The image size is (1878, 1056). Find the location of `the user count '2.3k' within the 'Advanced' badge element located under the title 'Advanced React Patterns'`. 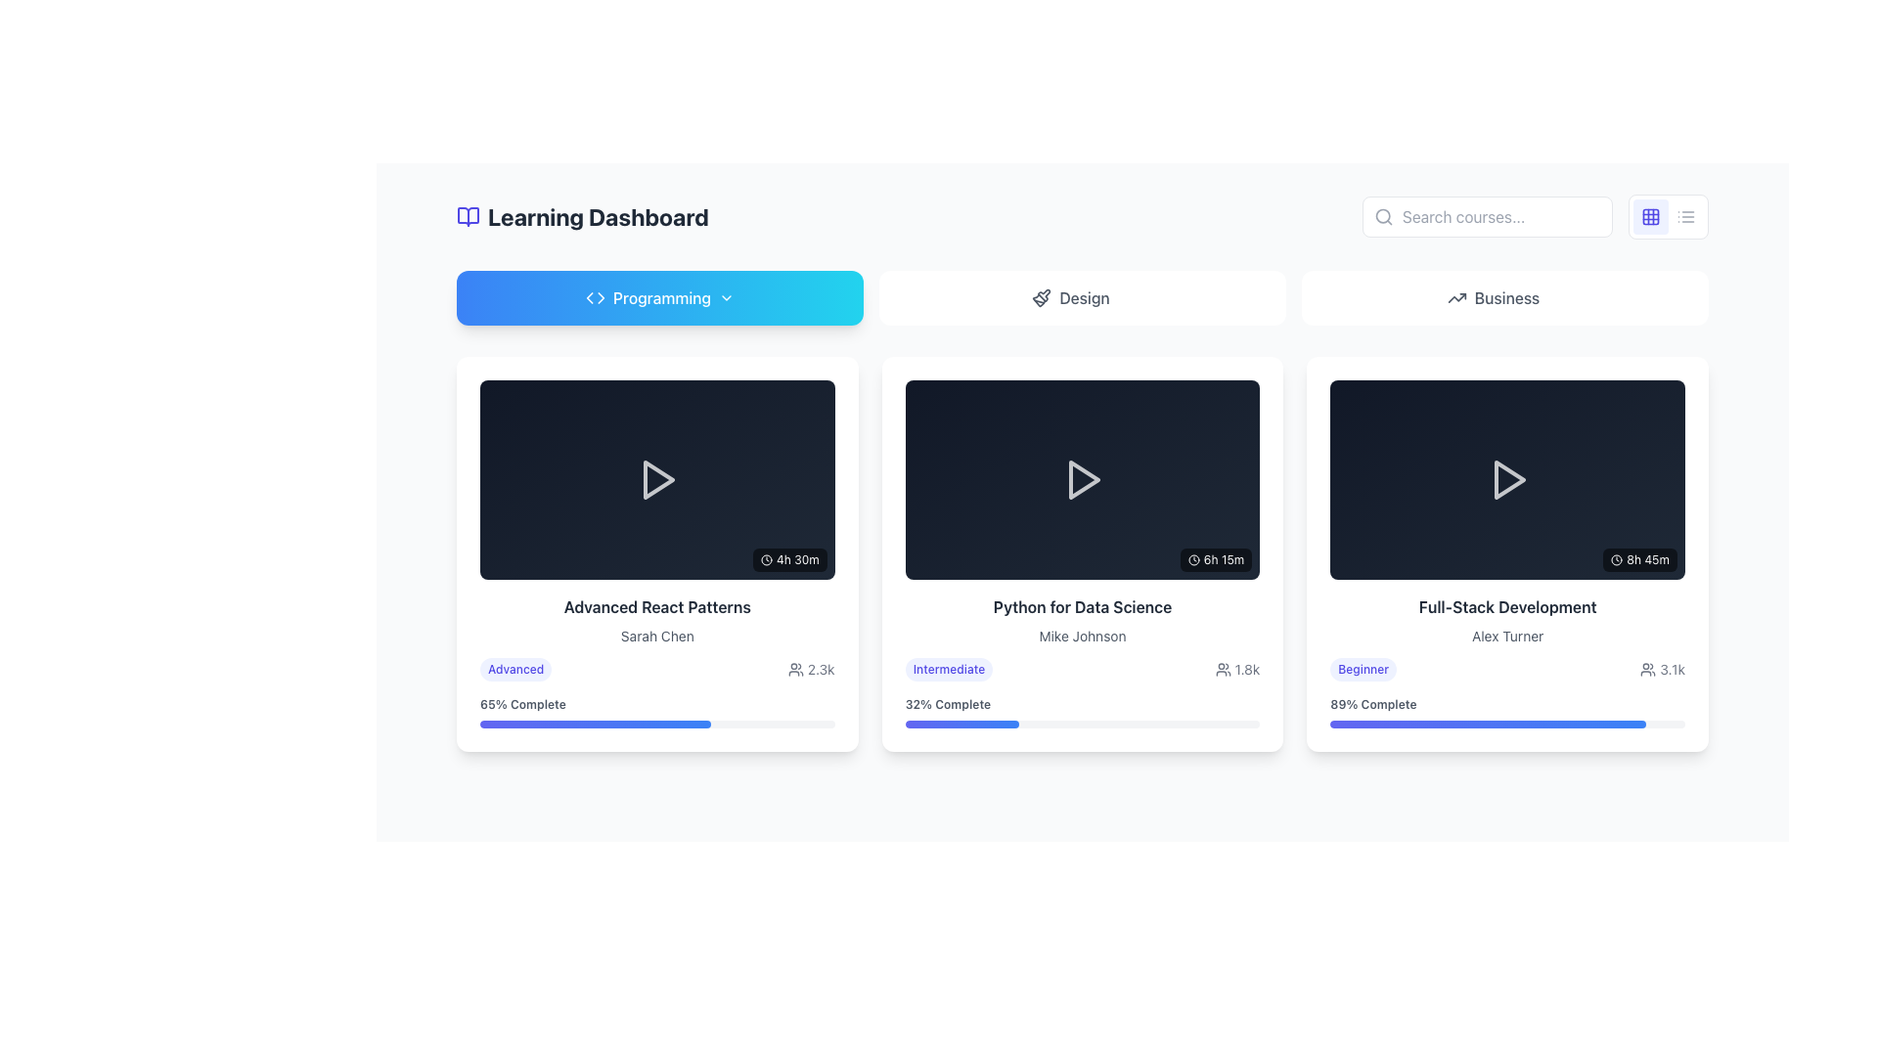

the user count '2.3k' within the 'Advanced' badge element located under the title 'Advanced React Patterns' is located at coordinates (657, 668).